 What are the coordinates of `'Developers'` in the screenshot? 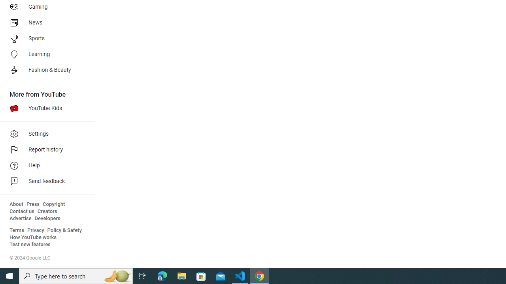 It's located at (47, 219).